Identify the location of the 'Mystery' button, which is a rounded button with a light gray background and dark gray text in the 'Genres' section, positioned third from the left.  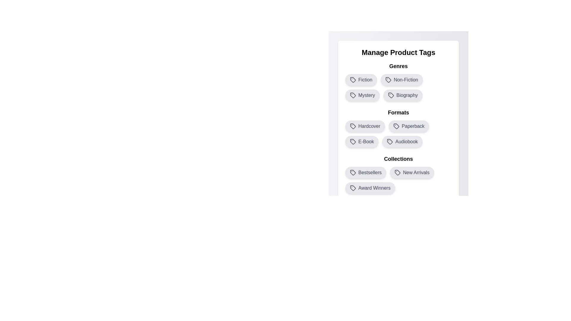
(362, 95).